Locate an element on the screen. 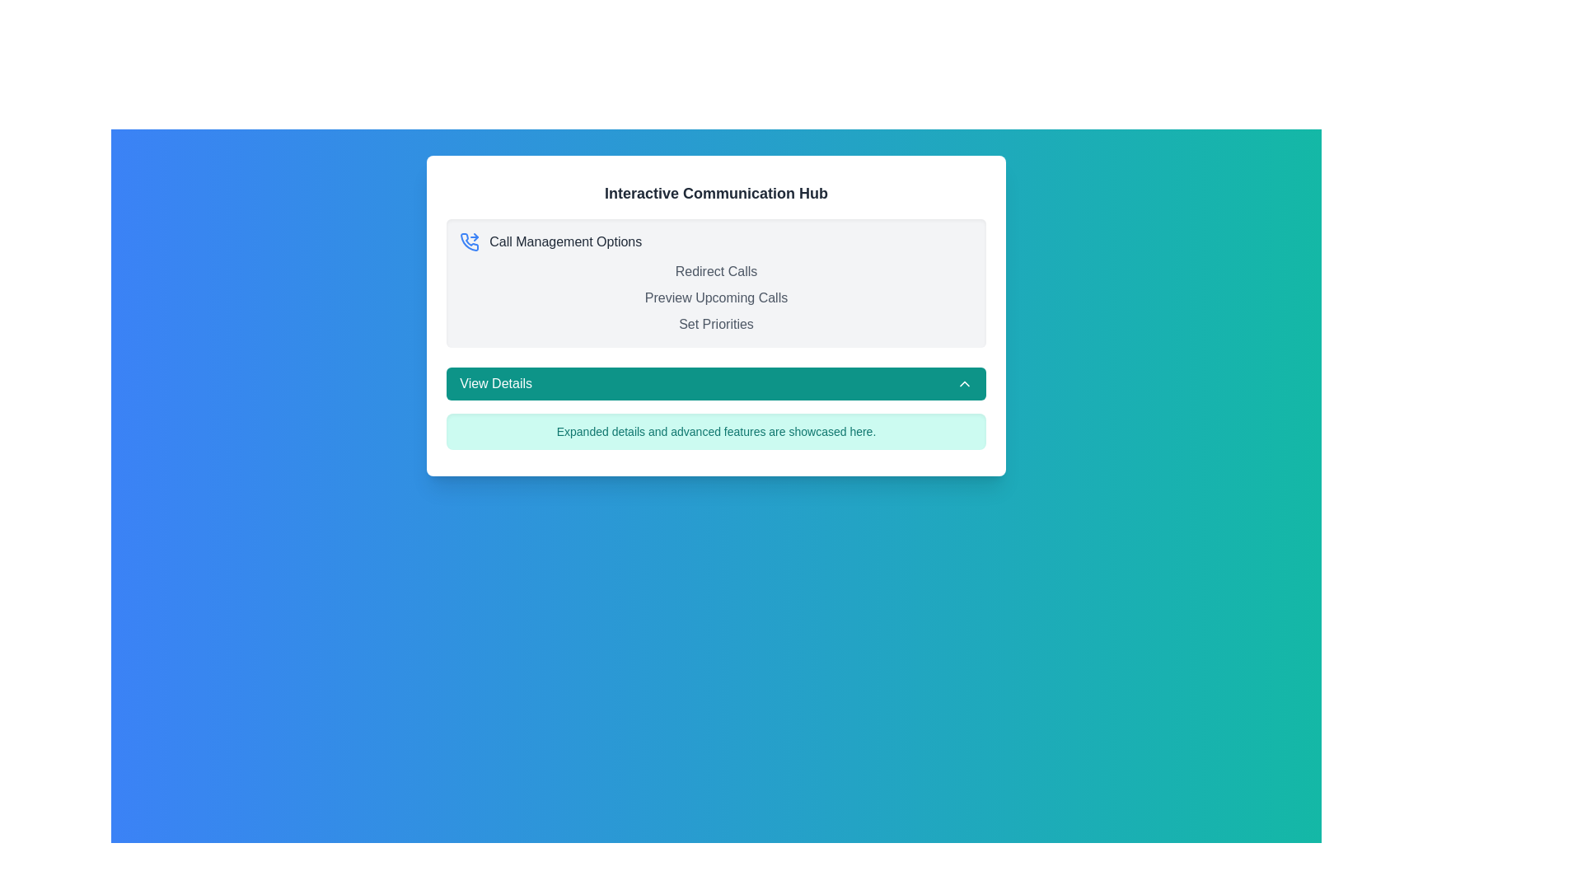 The height and width of the screenshot is (890, 1582). the static text label that indicates the function of the clickable button for viewing more details, located at the bottom section of the central module is located at coordinates (495, 384).